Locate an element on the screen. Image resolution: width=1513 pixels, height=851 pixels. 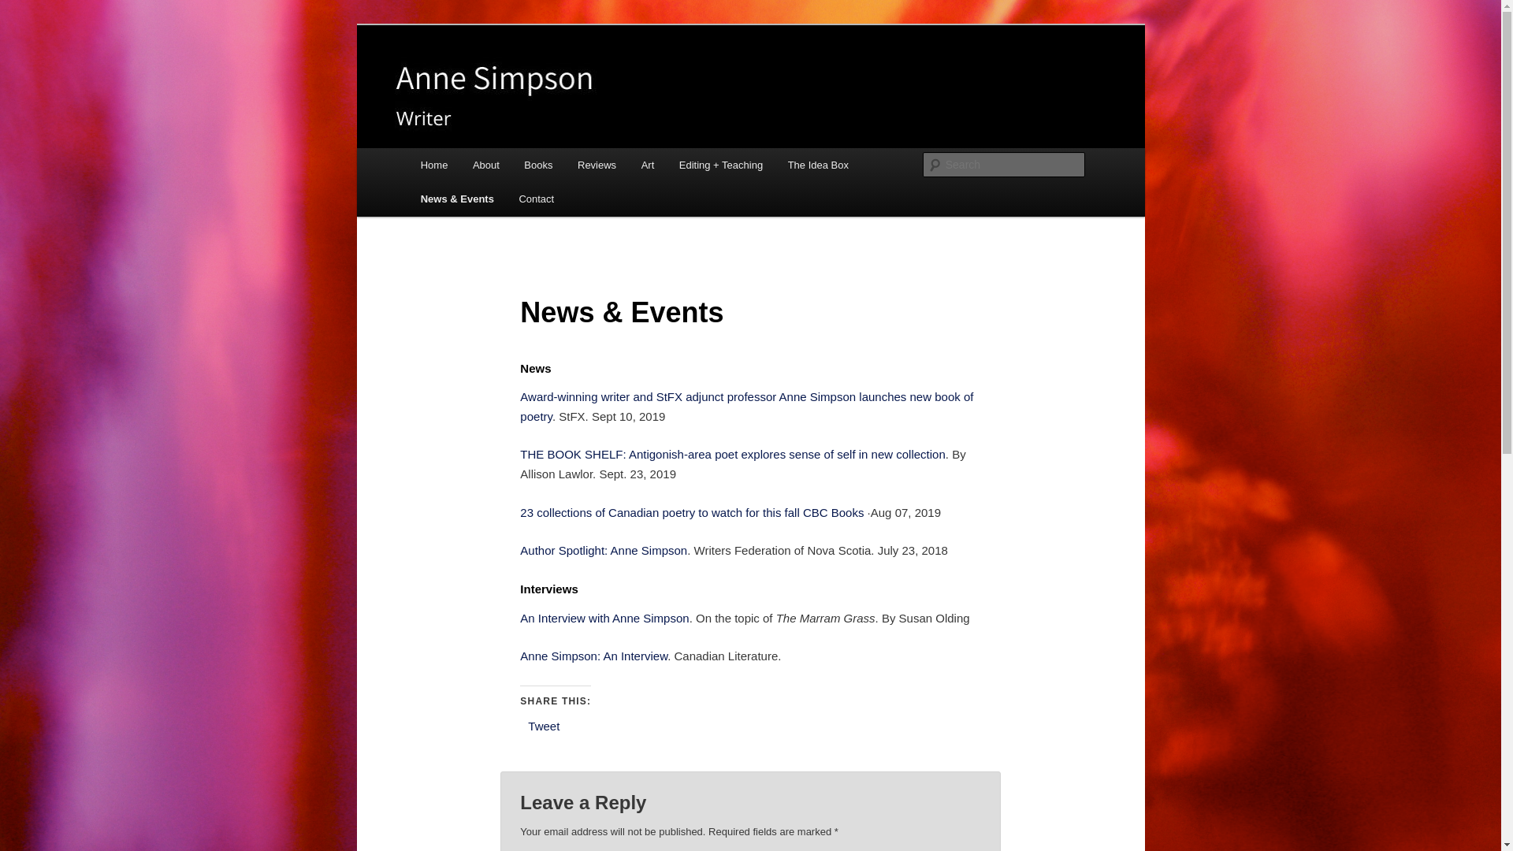
'An Interview with Anne Simpson' is located at coordinates (604, 617).